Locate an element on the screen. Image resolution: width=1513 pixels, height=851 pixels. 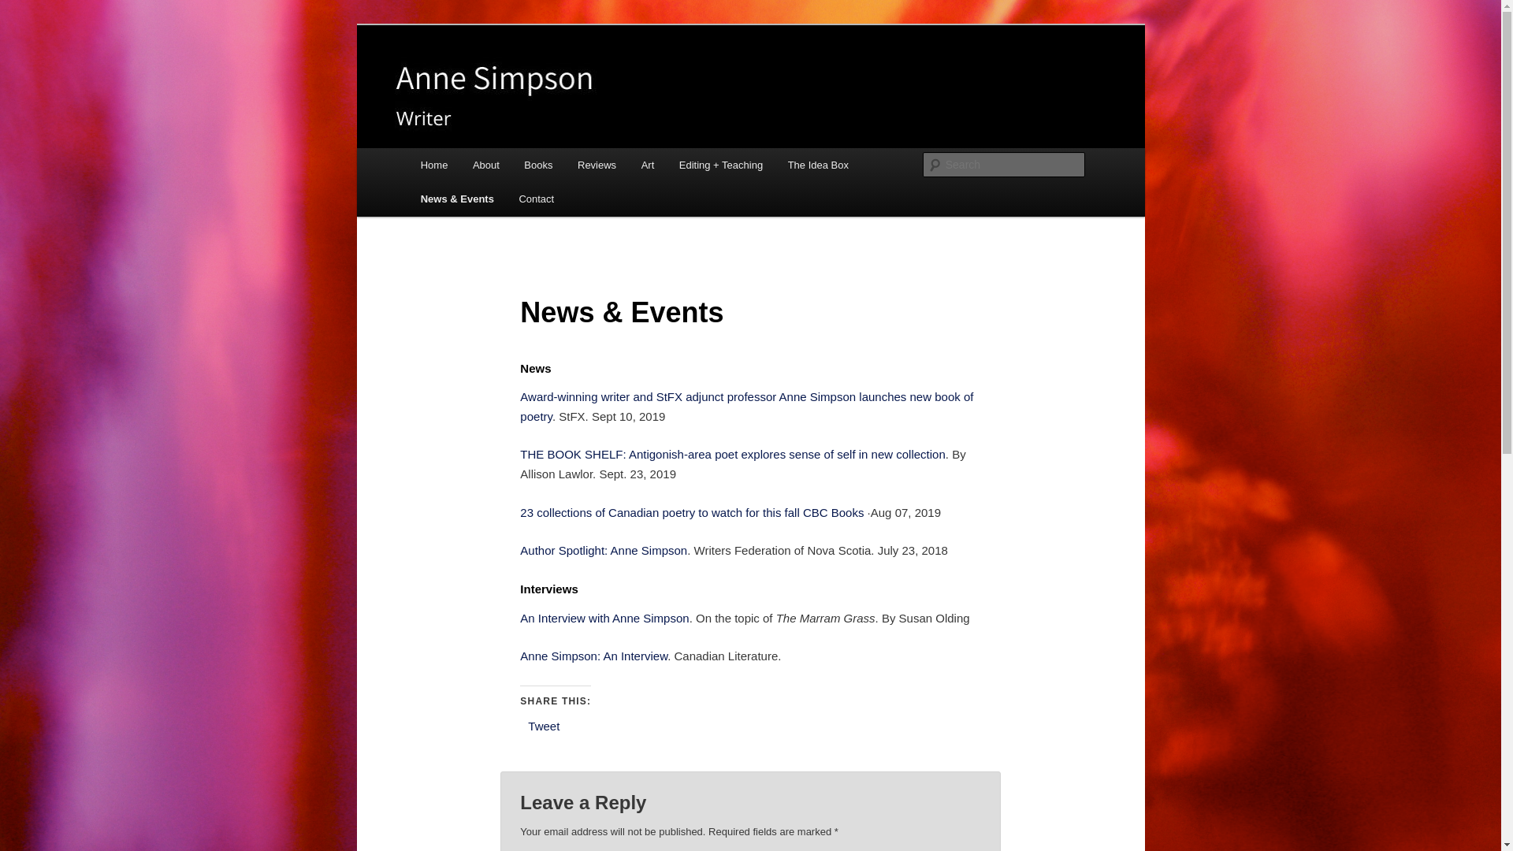
'An Interview with Anne Simpson' is located at coordinates (604, 617).